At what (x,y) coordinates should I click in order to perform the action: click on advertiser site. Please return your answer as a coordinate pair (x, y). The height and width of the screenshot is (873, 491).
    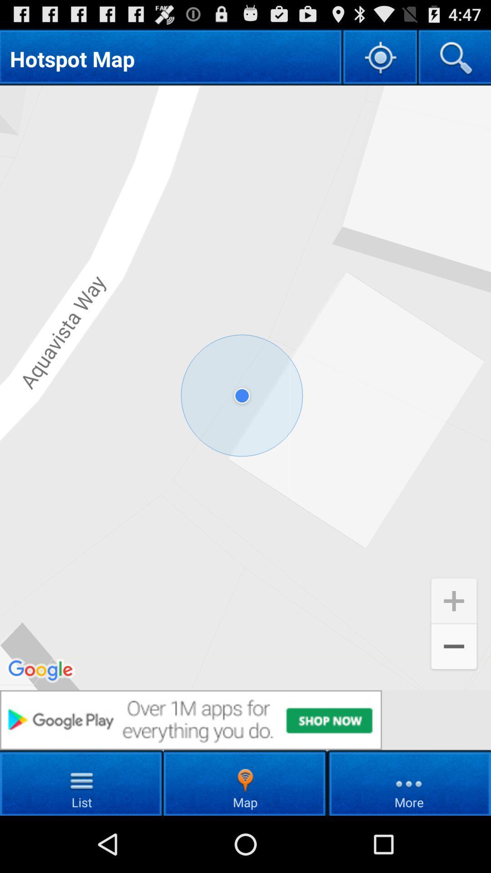
    Looking at the image, I should click on (245, 719).